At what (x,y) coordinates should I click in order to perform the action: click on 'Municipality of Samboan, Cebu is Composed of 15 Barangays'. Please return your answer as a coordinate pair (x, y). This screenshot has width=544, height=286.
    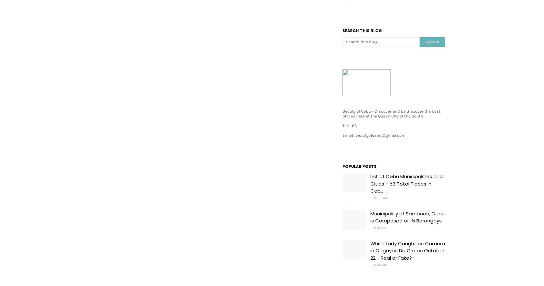
    Looking at the image, I should click on (407, 217).